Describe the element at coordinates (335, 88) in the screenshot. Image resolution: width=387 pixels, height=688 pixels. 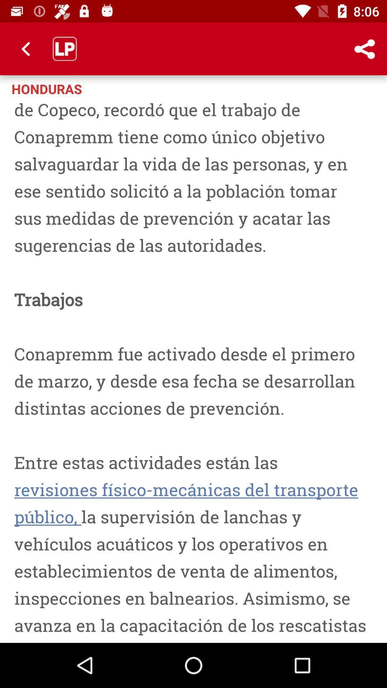
I see `icon to the right of the honduras item` at that location.